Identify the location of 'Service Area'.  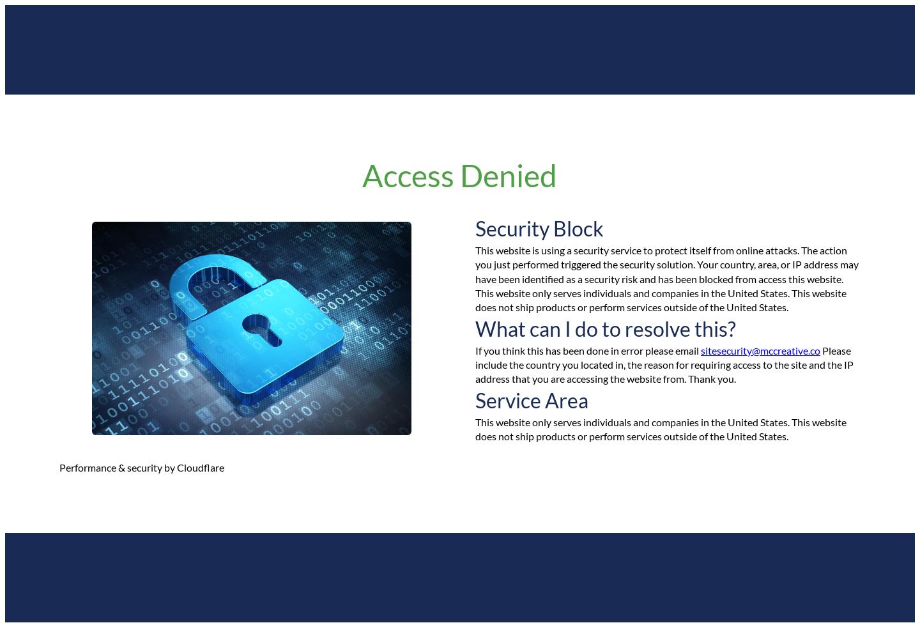
(475, 399).